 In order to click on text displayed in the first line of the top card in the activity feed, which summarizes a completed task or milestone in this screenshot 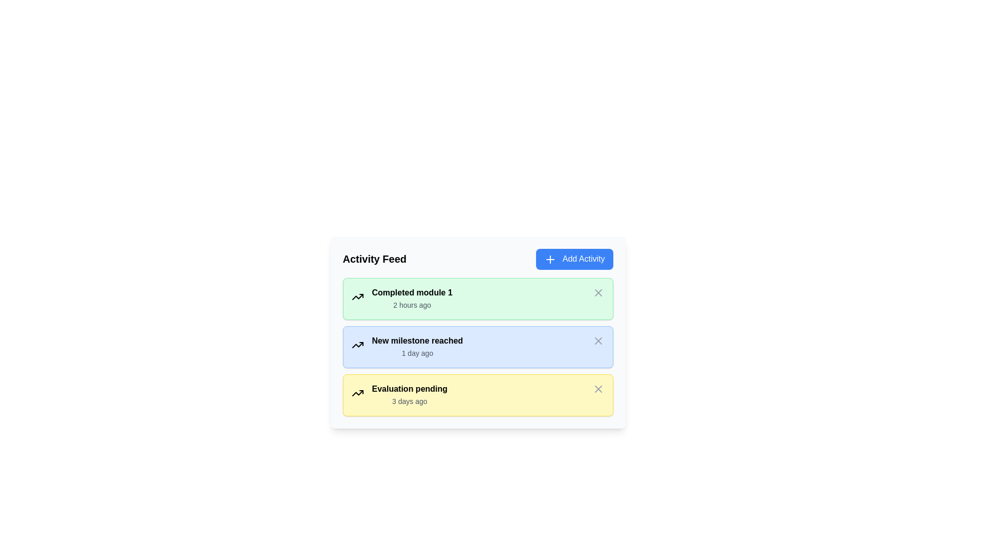, I will do `click(412, 292)`.